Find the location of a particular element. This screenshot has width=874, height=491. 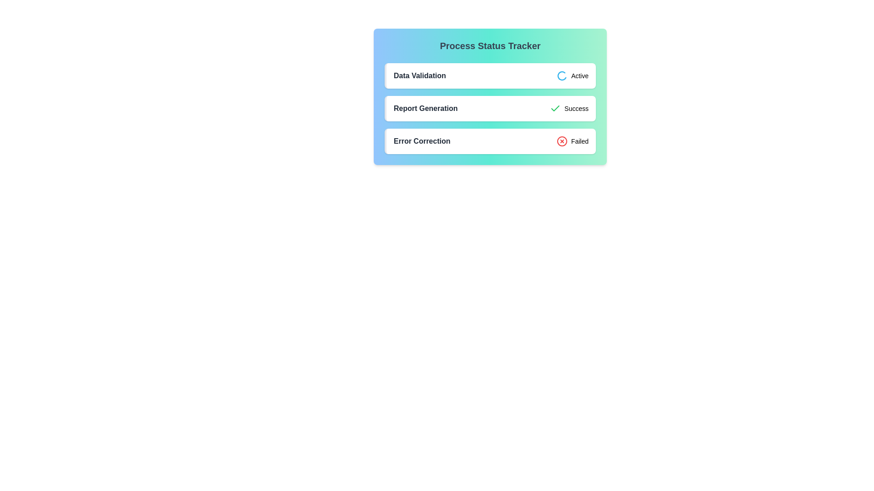

the 'Error Correction.' text label styled with a bold font and dark gray color, located in the third card of the status tracker interface is located at coordinates (422, 141).